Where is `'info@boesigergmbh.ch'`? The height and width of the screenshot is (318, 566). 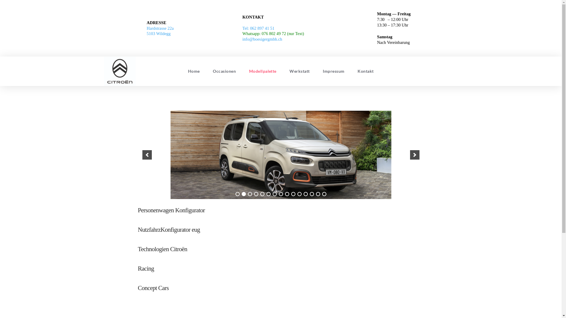
'info@boesigergmbh.ch' is located at coordinates (262, 39).